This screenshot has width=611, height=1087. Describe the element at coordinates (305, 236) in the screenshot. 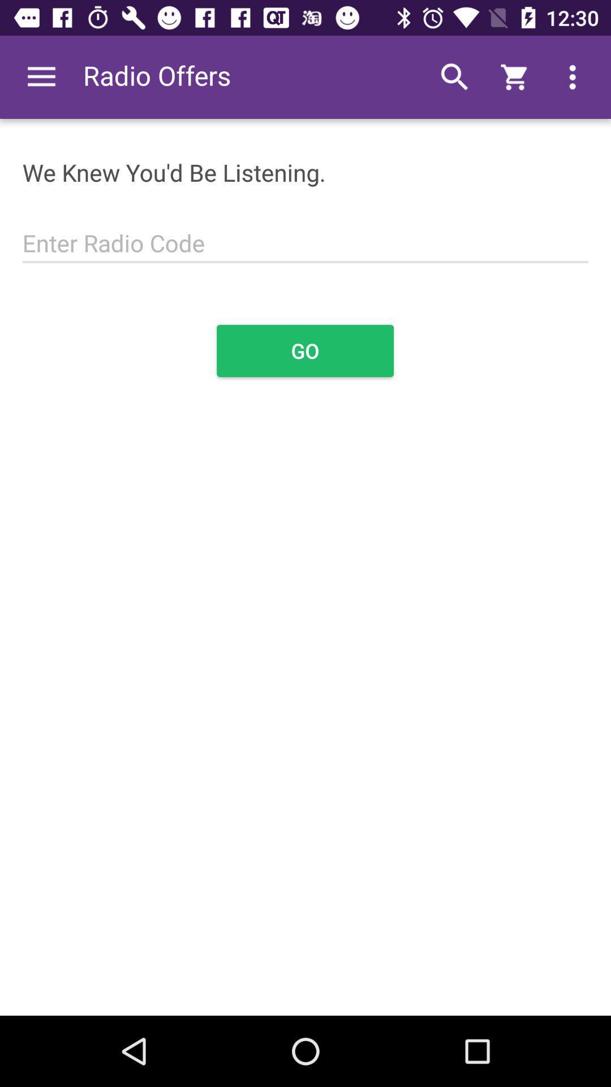

I see `icon below the we knew you` at that location.